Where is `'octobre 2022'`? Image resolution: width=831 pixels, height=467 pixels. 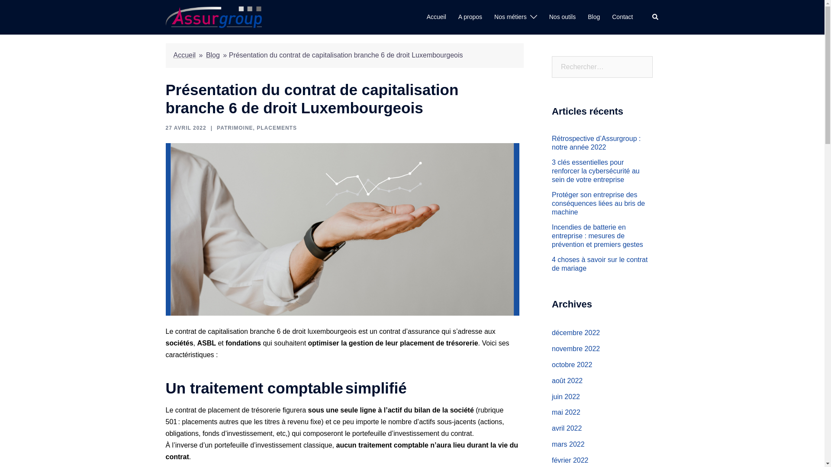
'octobre 2022' is located at coordinates (551, 365).